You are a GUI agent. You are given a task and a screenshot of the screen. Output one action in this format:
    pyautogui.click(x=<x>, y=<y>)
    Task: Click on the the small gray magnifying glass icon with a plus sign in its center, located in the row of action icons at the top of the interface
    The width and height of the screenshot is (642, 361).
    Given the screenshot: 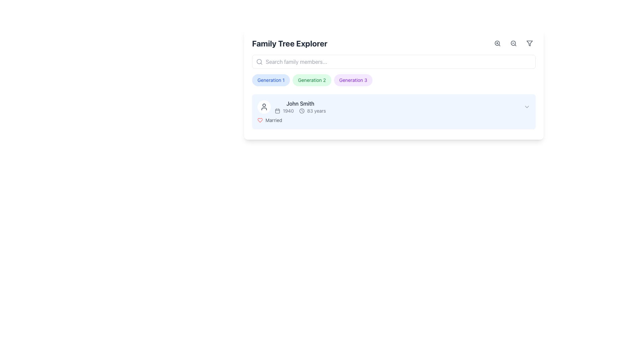 What is the action you would take?
    pyautogui.click(x=498, y=43)
    